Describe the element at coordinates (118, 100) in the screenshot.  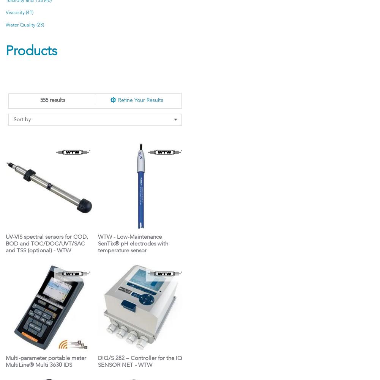
I see `'Refine Your Results'` at that location.